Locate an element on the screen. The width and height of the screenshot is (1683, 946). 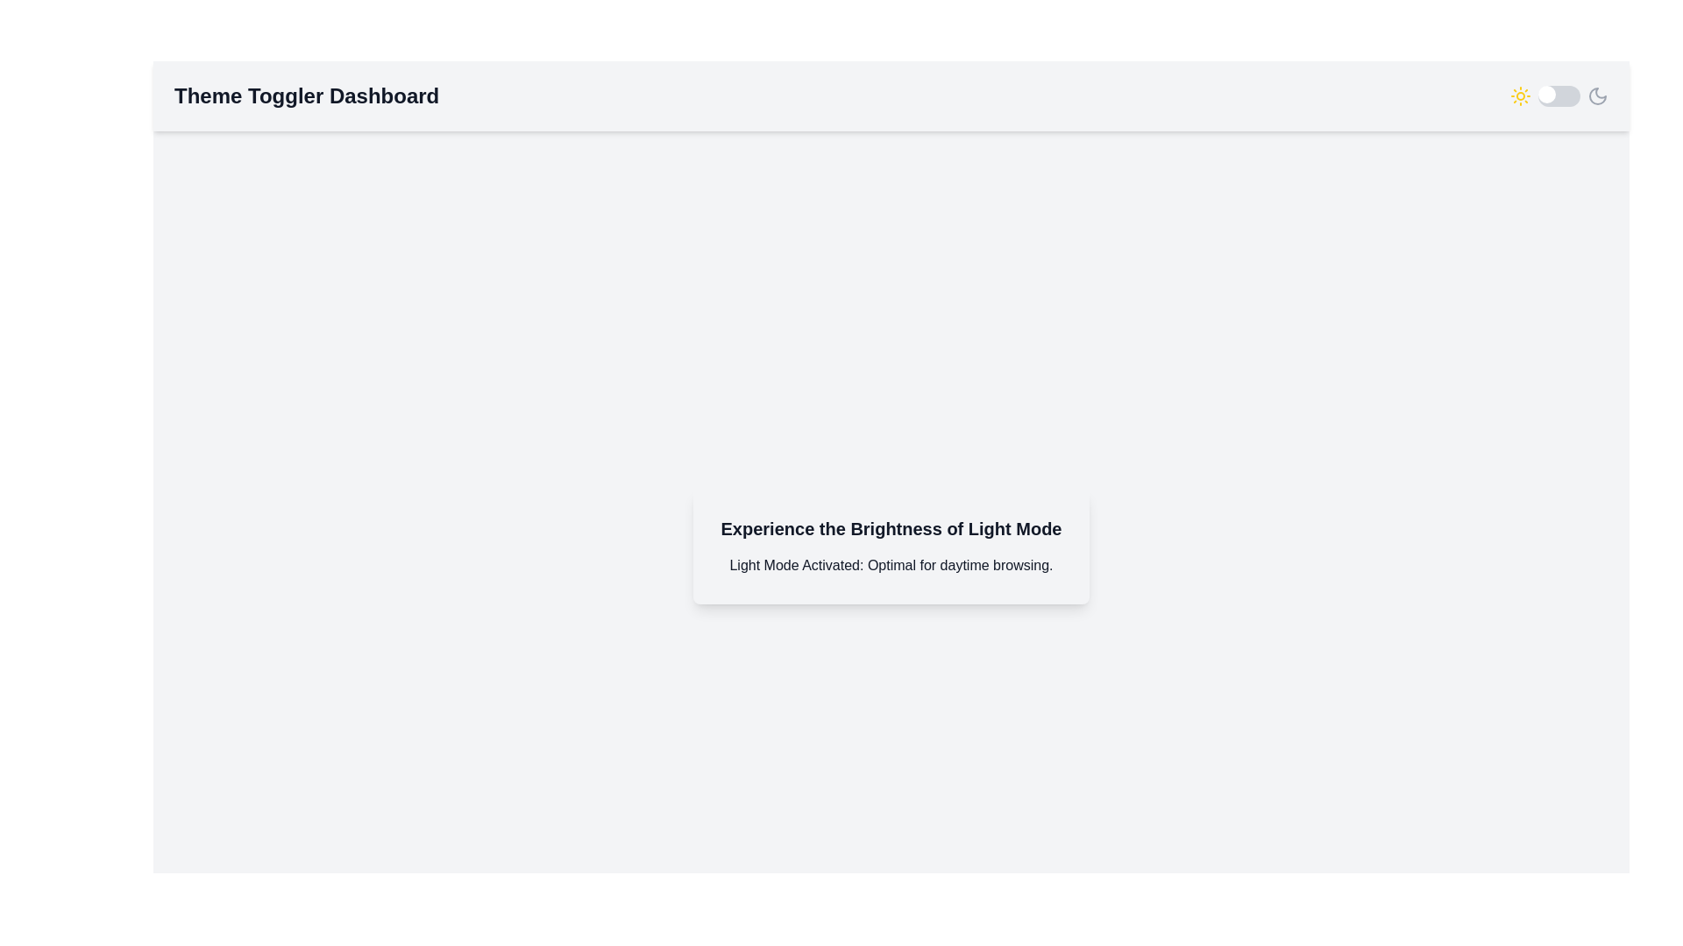
the crescent-shaped moon icon with a gray outline in the top-right corner of the page header is located at coordinates (1598, 96).